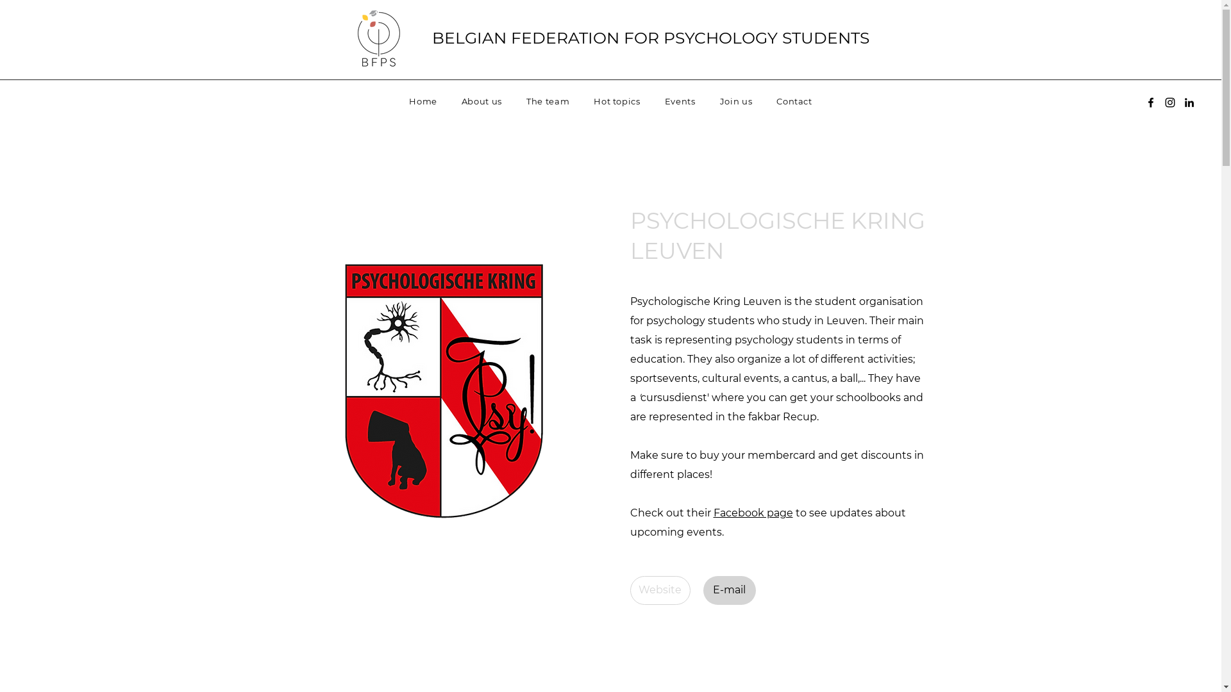 This screenshot has width=1231, height=692. Describe the element at coordinates (452, 101) in the screenshot. I see `'About us'` at that location.